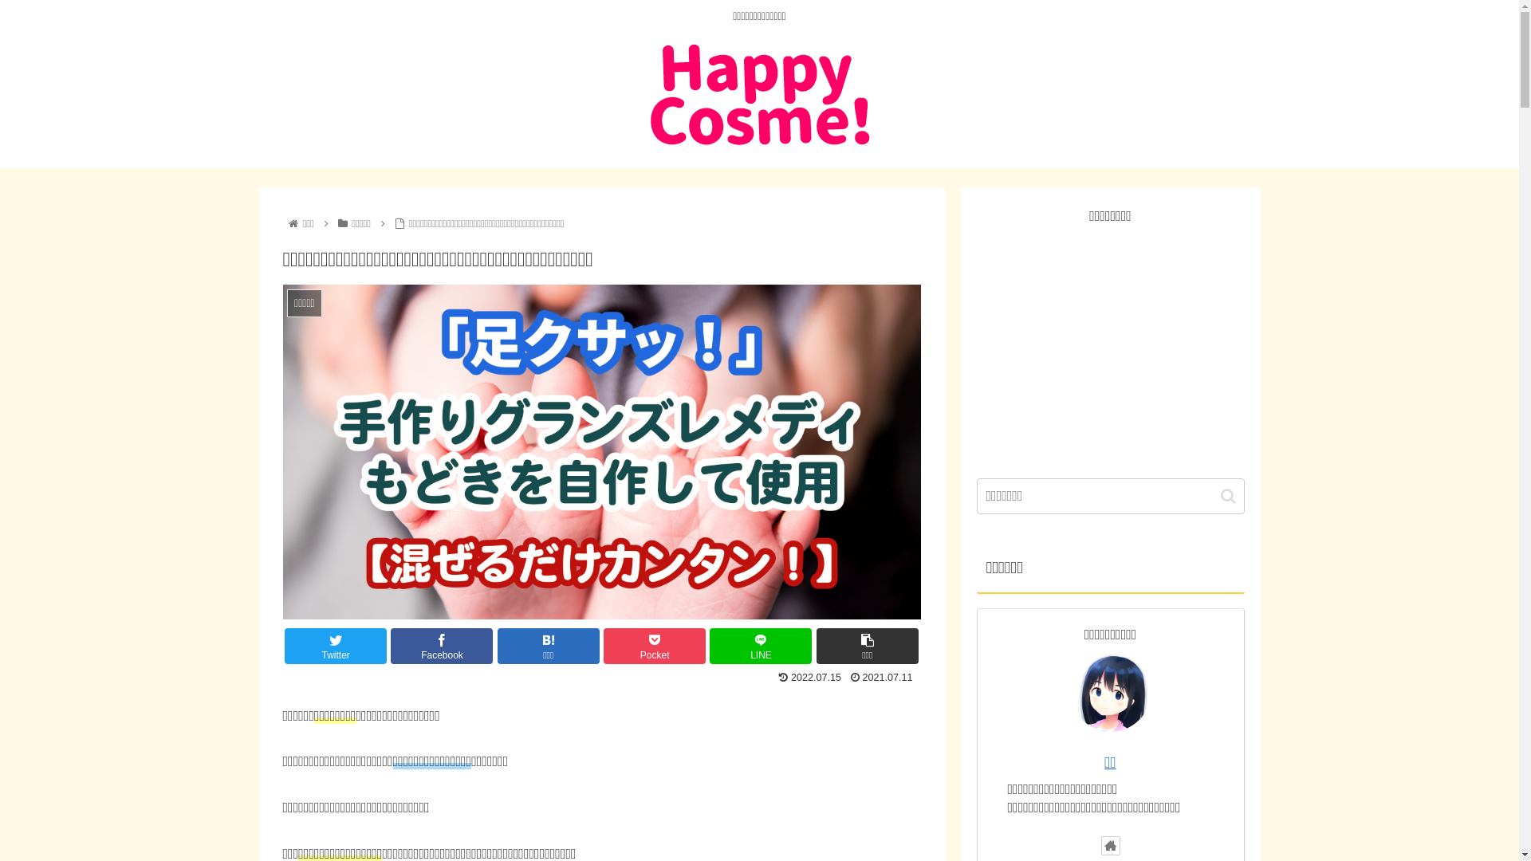 The height and width of the screenshot is (861, 1531). Describe the element at coordinates (441, 646) in the screenshot. I see `'Facebook'` at that location.